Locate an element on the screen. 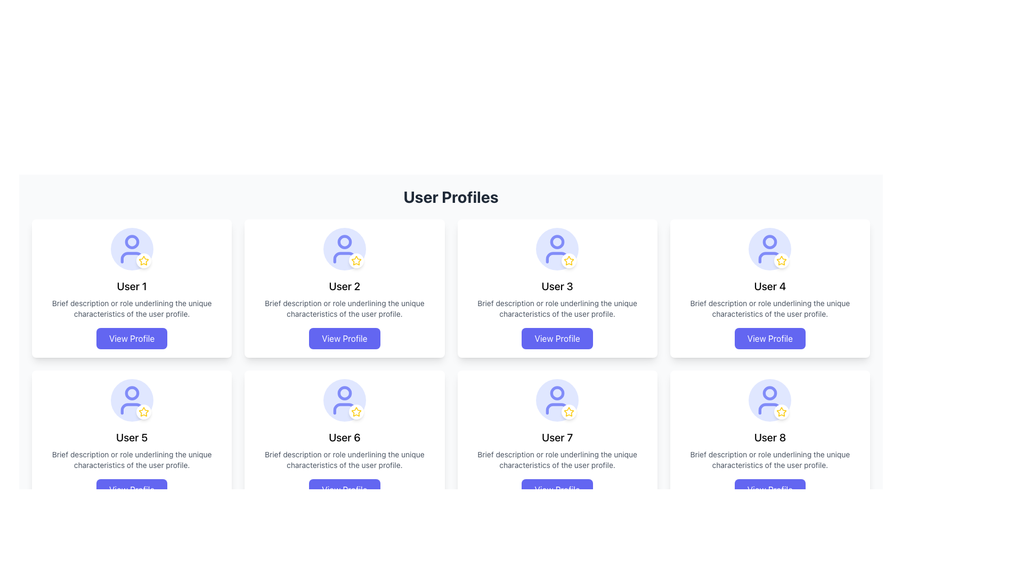 This screenshot has height=575, width=1023. the head circle of the user icon graphic in the profile card of 'User 7', located at the bottom row, second from the left is located at coordinates (557, 393).